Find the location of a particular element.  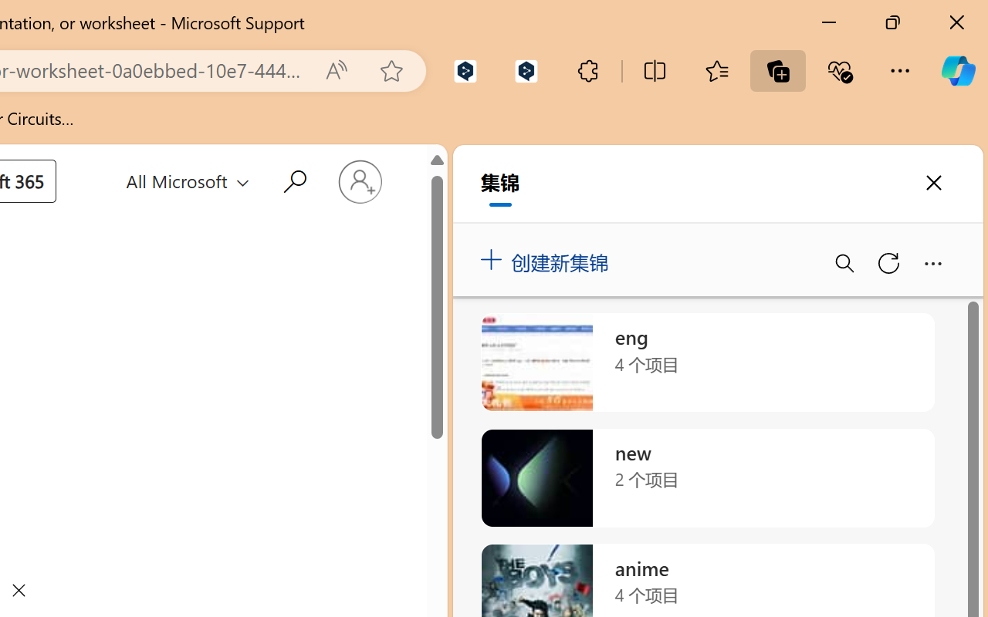

'Sign in to your account' is located at coordinates (358, 180).